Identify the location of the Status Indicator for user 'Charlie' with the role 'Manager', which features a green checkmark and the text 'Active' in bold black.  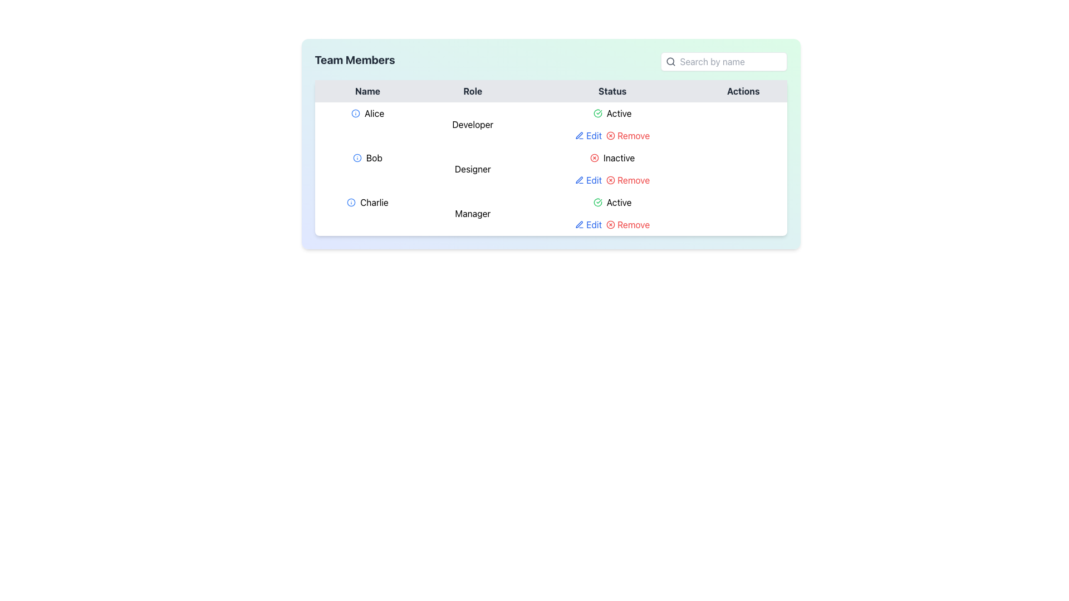
(612, 202).